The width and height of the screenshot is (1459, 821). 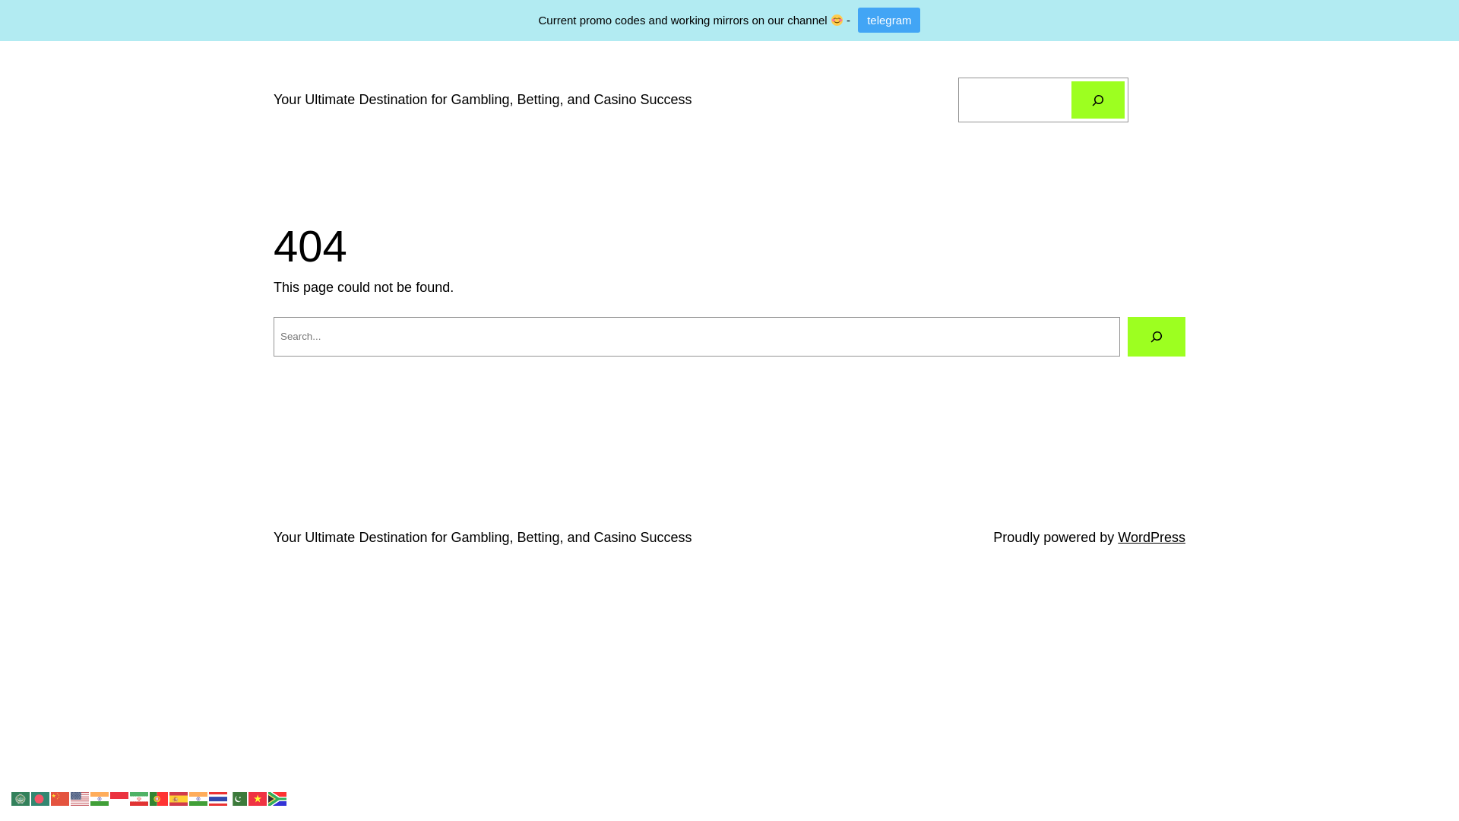 I want to click on 'Indonesian', so click(x=119, y=797).